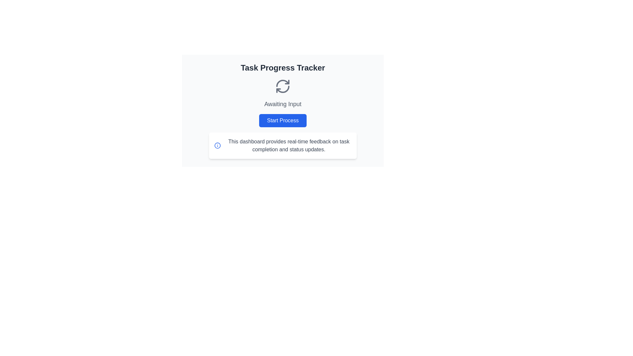  What do you see at coordinates (218, 145) in the screenshot?
I see `the blue circular info icon located to the left of the descriptive text about the dashboard's feedback and status updates` at bounding box center [218, 145].